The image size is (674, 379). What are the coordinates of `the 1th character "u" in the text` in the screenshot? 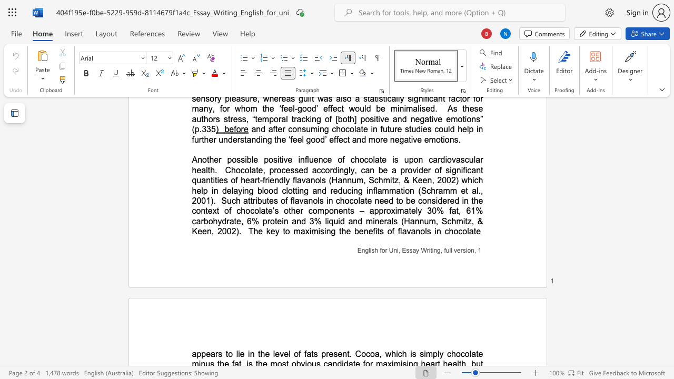 It's located at (448, 250).